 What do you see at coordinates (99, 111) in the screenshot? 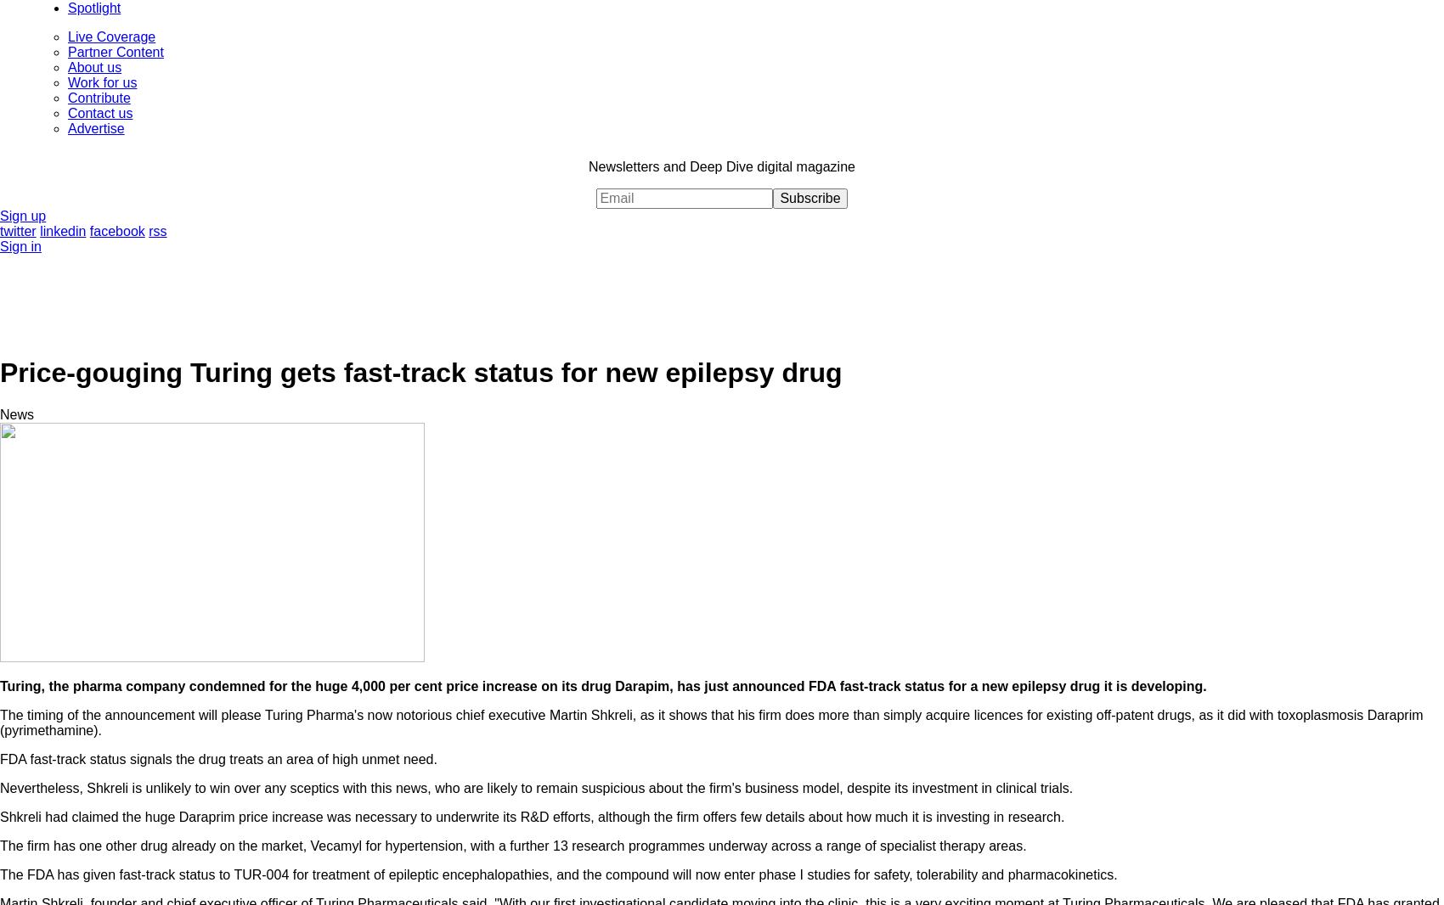
I see `'Contact us'` at bounding box center [99, 111].